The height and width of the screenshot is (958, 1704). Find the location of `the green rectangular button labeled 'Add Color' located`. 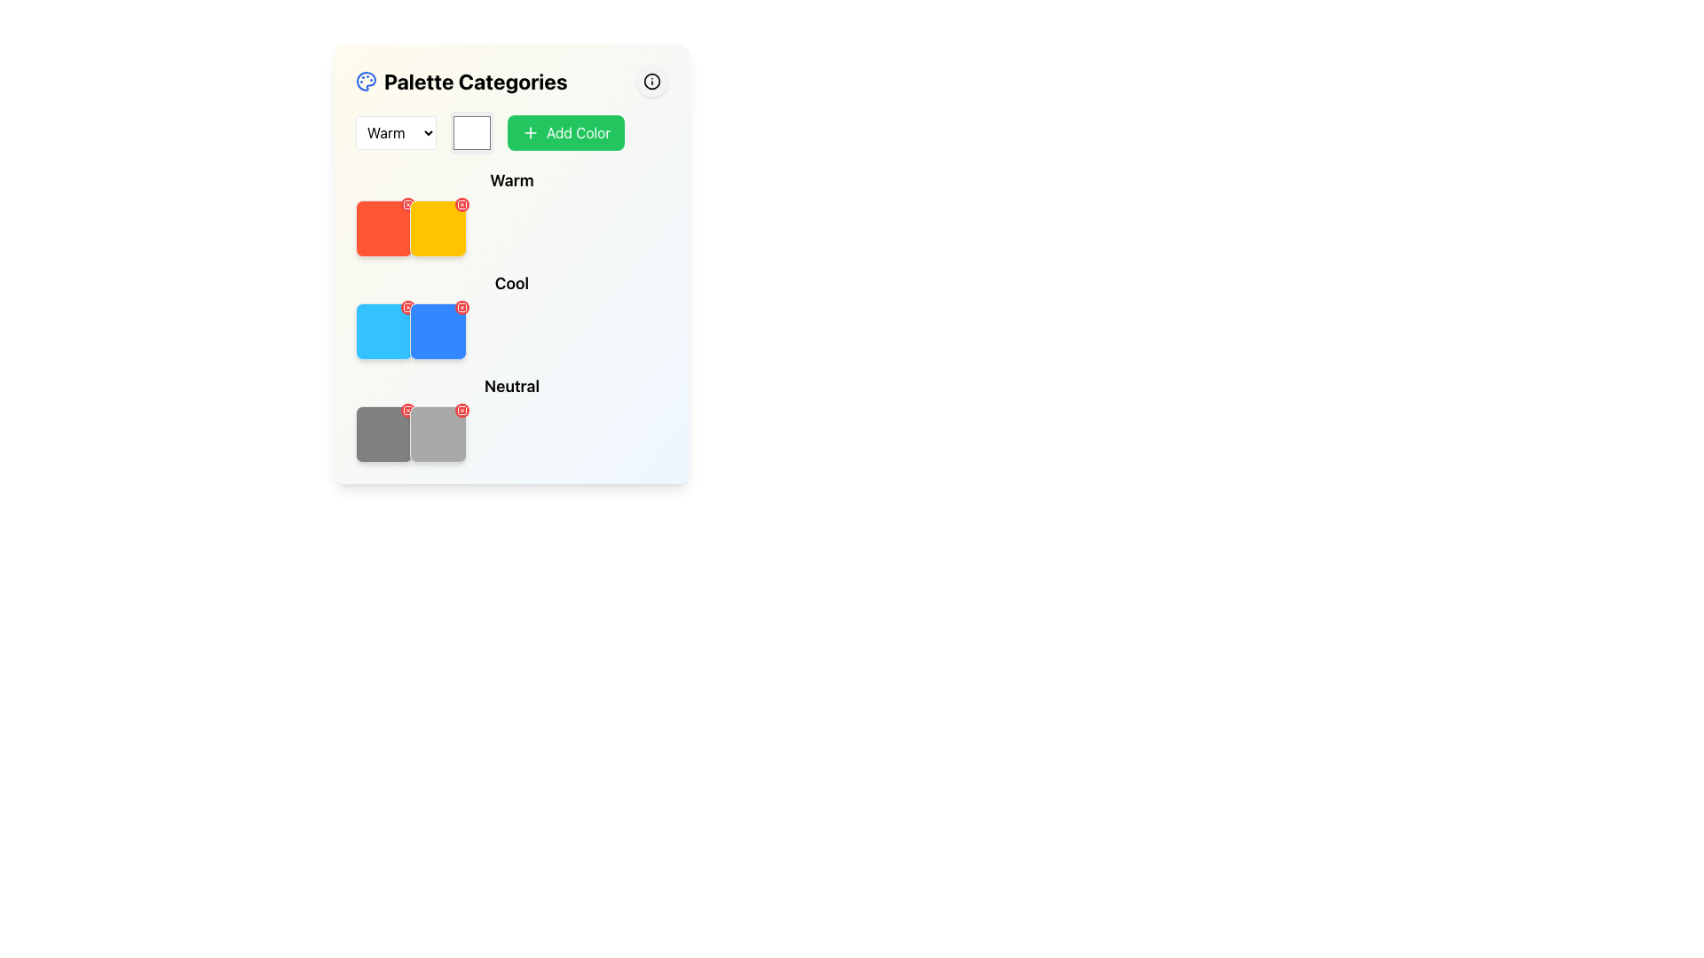

the green rectangular button labeled 'Add Color' located is located at coordinates (510, 132).